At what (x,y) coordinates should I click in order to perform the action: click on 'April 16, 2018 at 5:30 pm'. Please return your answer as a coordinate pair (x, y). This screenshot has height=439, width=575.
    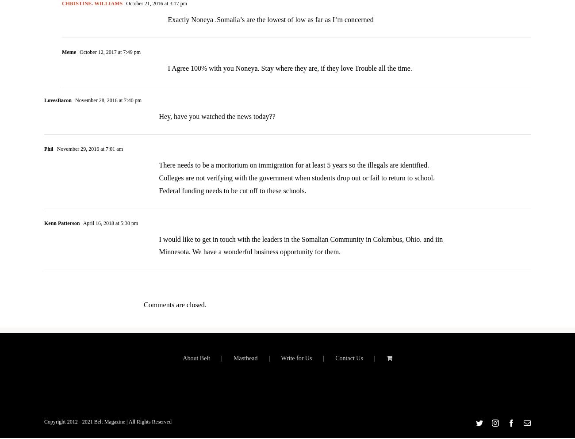
    Looking at the image, I should click on (109, 229).